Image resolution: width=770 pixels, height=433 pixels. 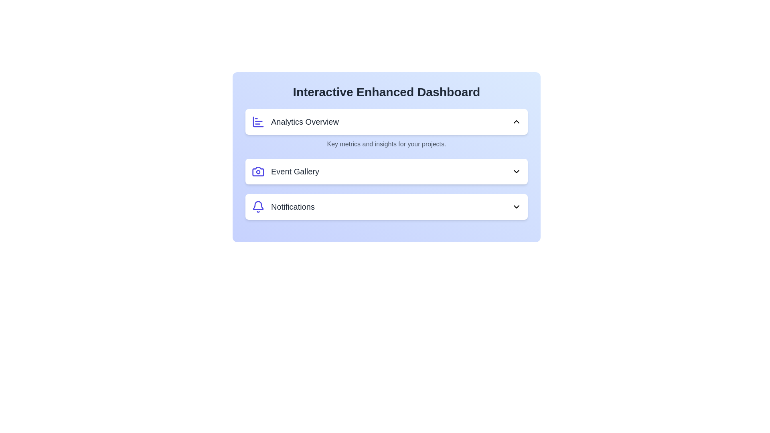 I want to click on the description text of the expanded section to interact with it, so click(x=387, y=144).